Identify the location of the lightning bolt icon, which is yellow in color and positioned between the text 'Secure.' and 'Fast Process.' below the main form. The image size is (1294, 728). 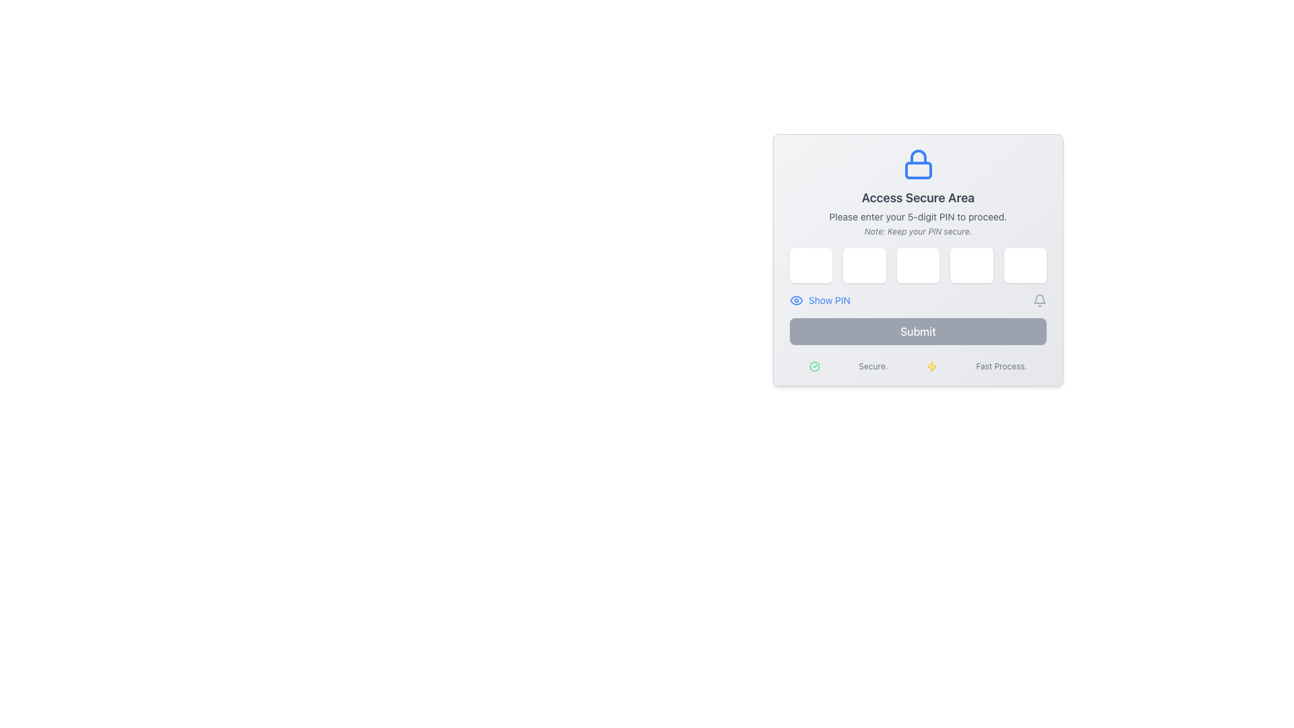
(931, 366).